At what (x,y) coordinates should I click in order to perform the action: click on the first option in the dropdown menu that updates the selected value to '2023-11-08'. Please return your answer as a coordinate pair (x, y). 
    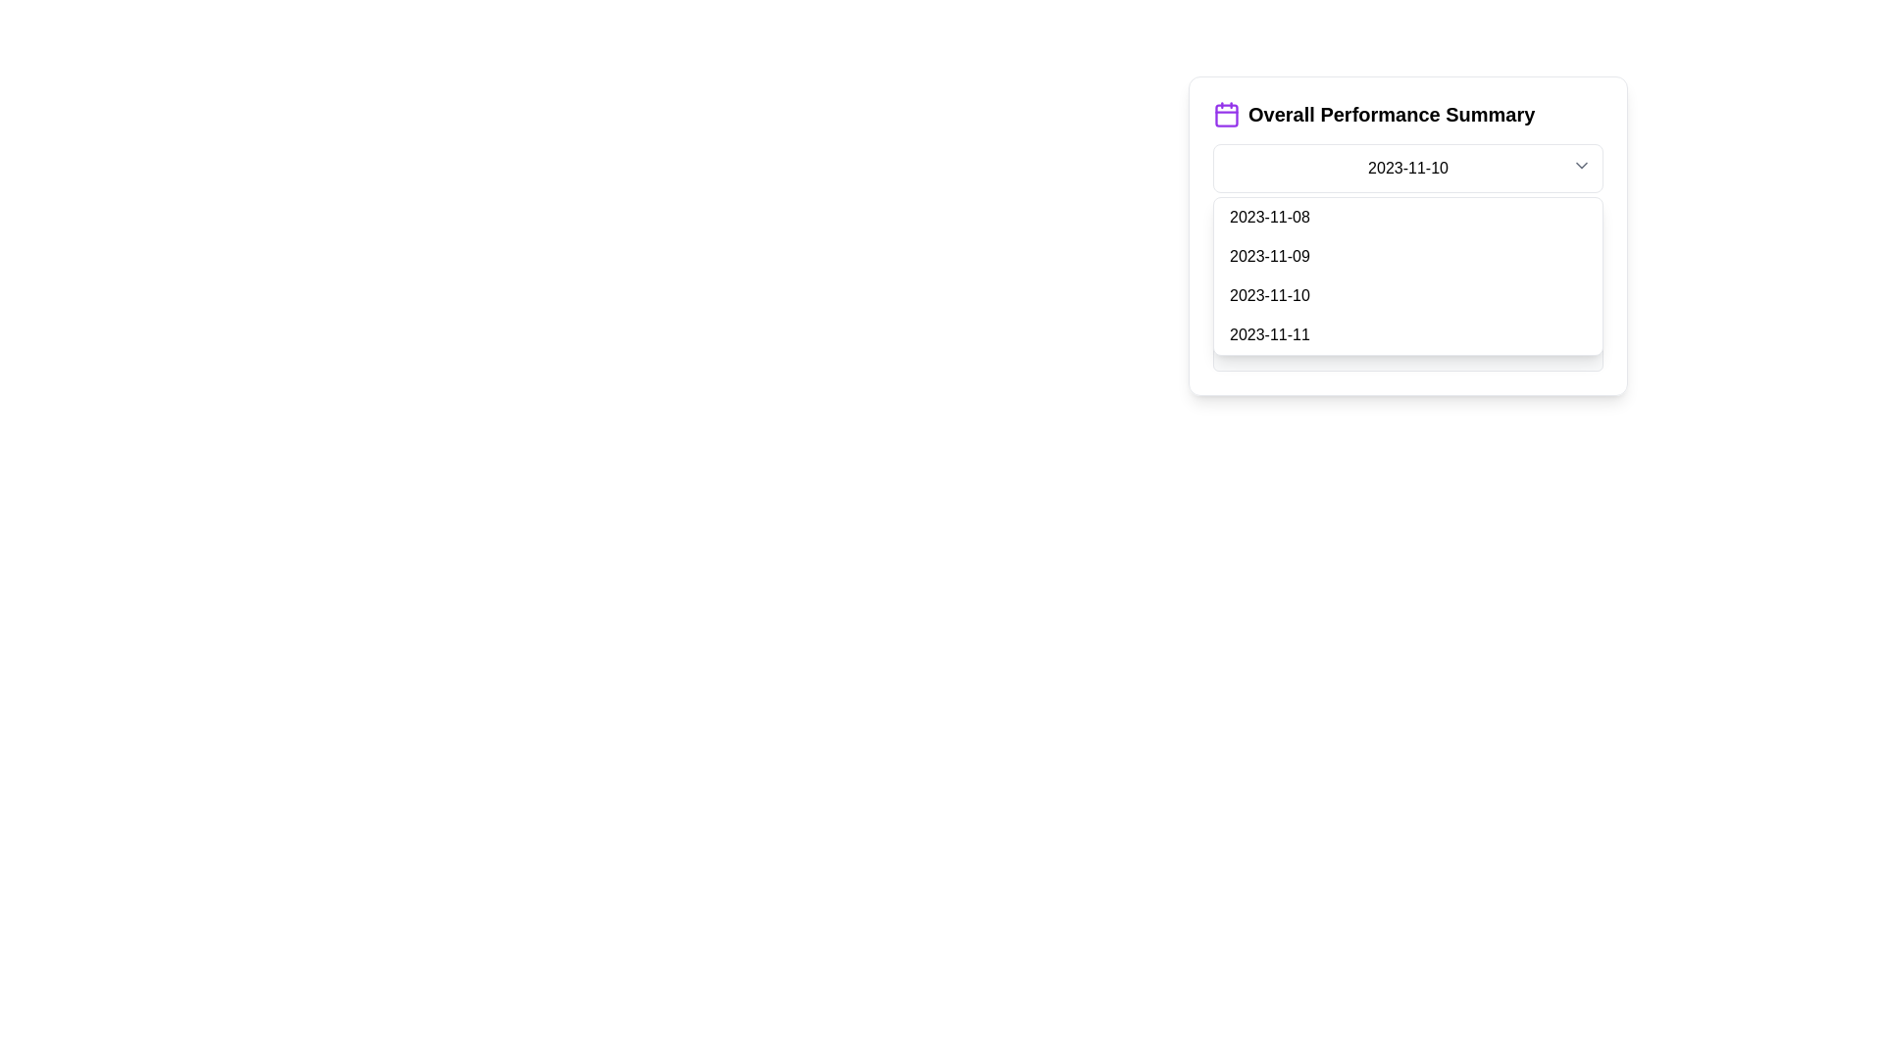
    Looking at the image, I should click on (1406, 218).